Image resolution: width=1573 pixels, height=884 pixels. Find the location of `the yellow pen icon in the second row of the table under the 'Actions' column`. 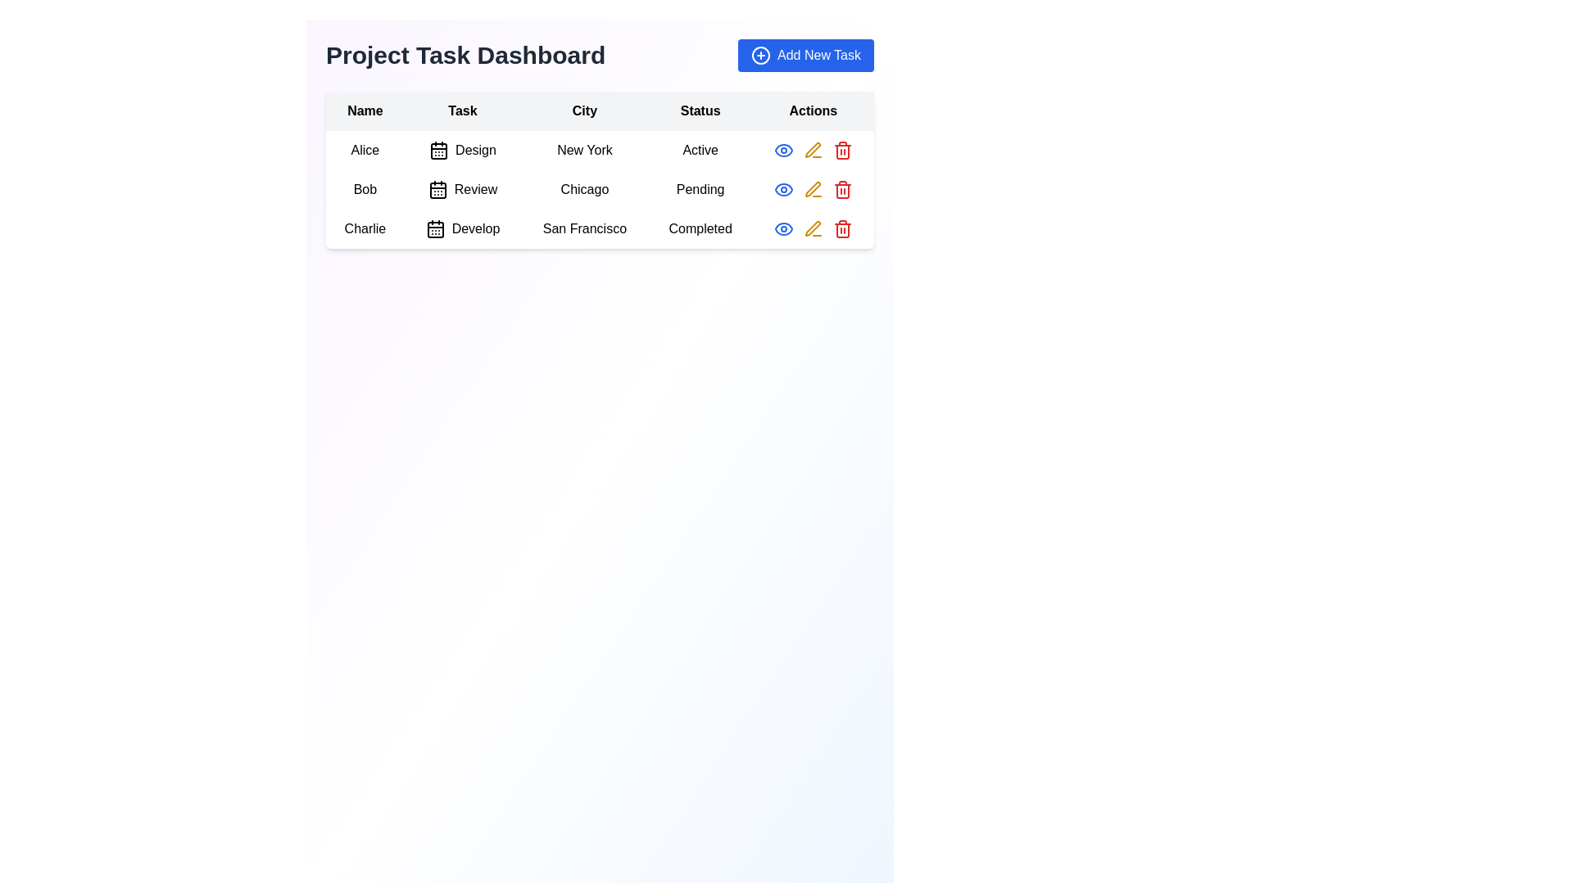

the yellow pen icon in the second row of the table under the 'Actions' column is located at coordinates (813, 188).